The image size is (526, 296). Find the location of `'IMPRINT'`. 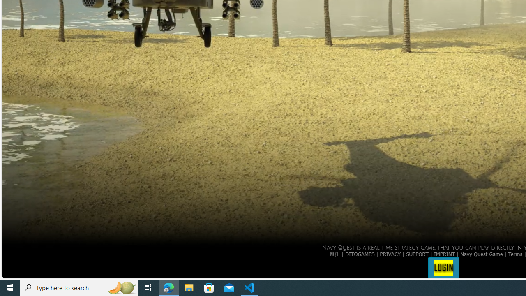

'IMPRINT' is located at coordinates (444, 253).